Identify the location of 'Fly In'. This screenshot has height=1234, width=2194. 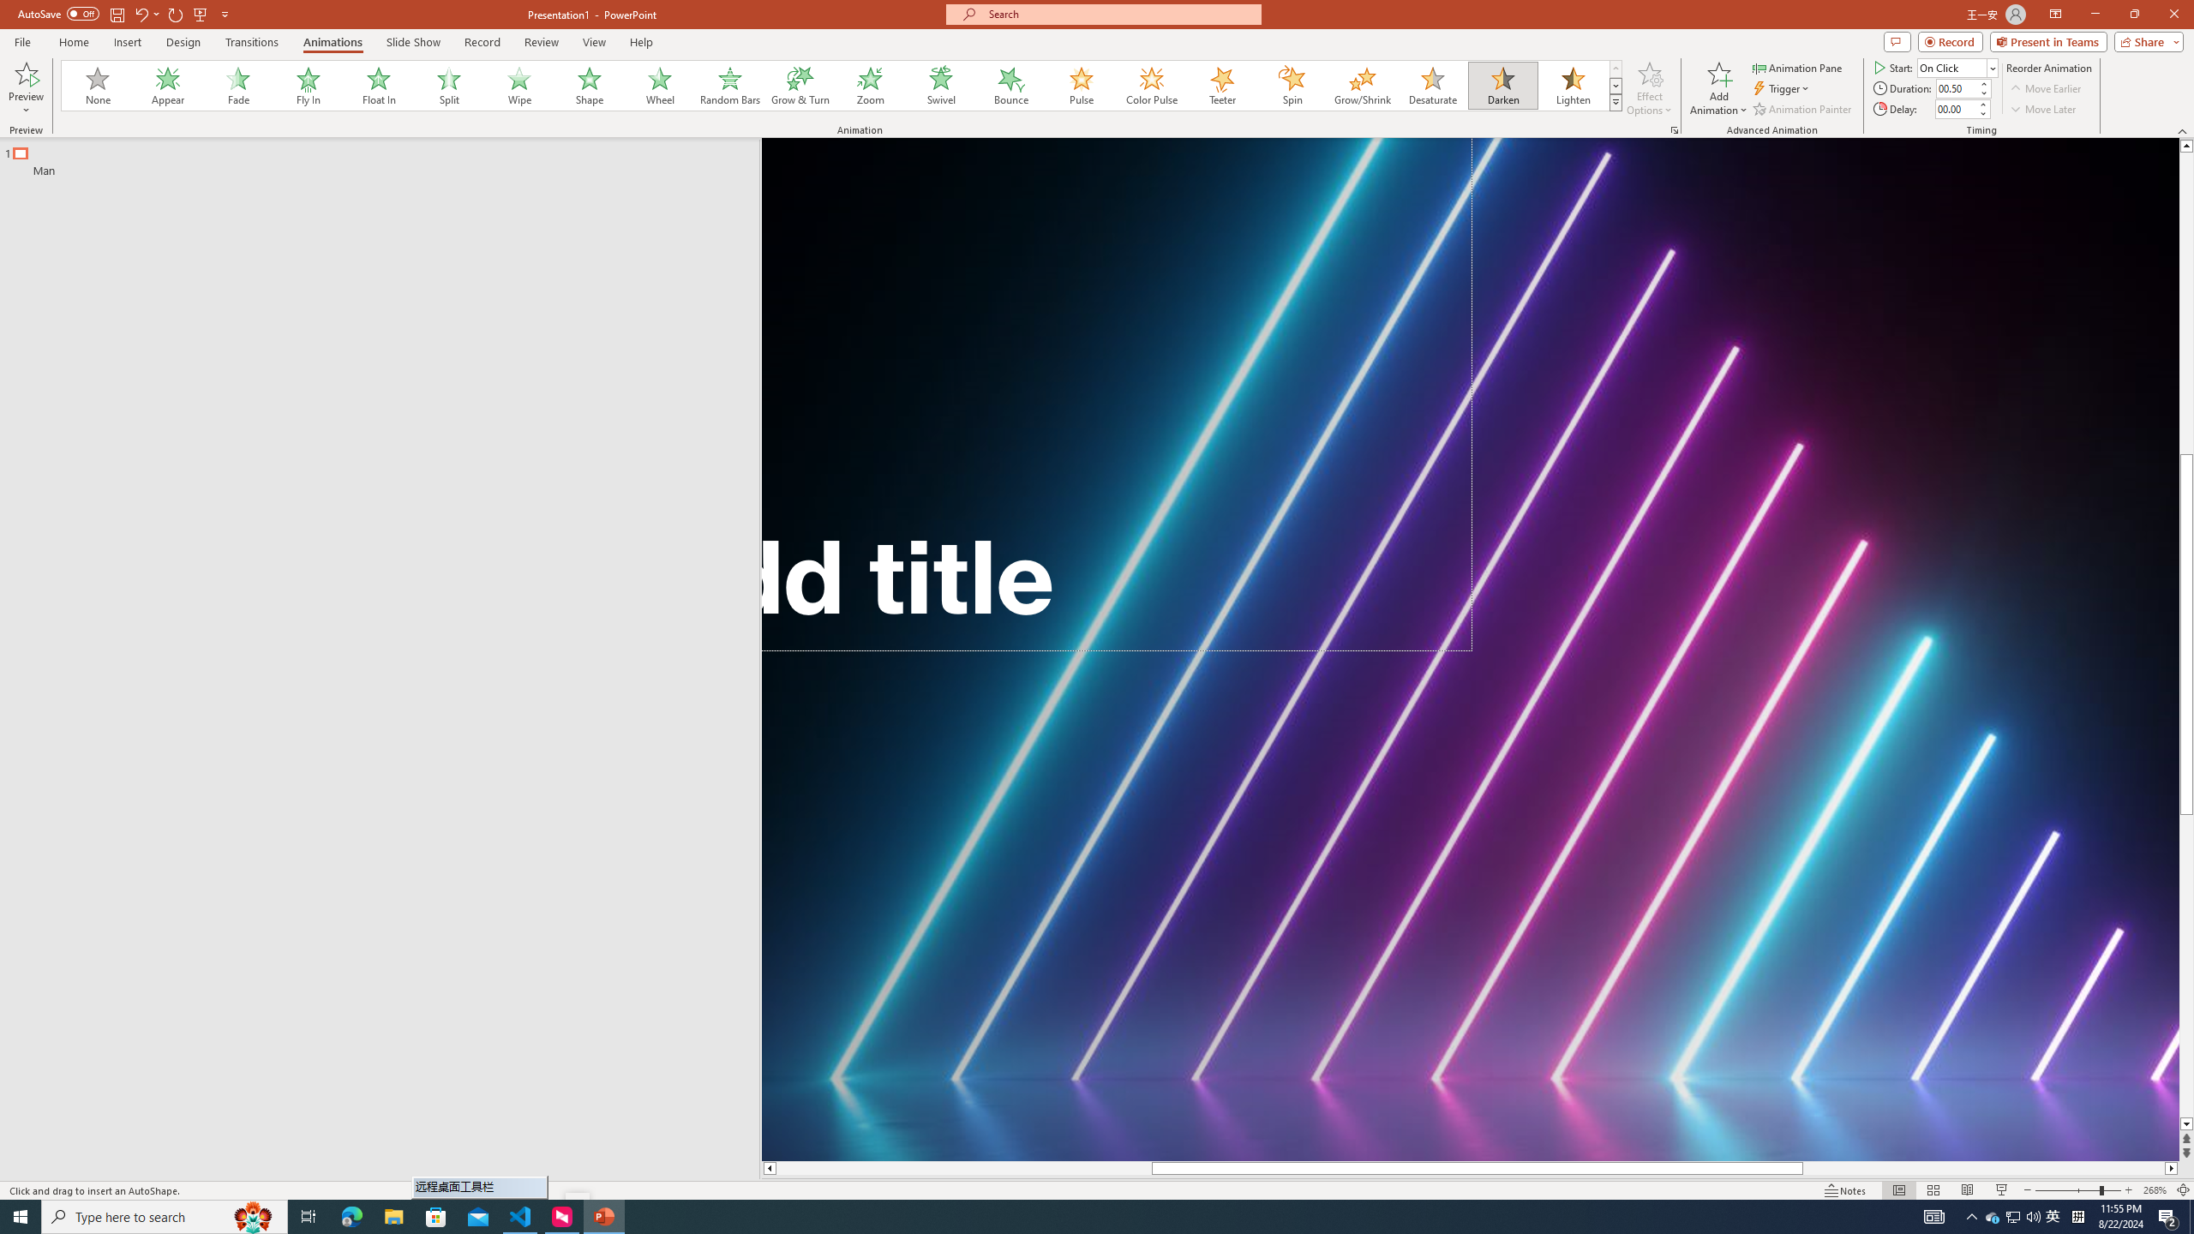
(308, 85).